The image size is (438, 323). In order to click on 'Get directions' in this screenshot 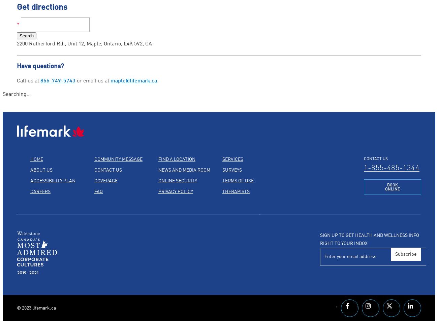, I will do `click(42, 7)`.